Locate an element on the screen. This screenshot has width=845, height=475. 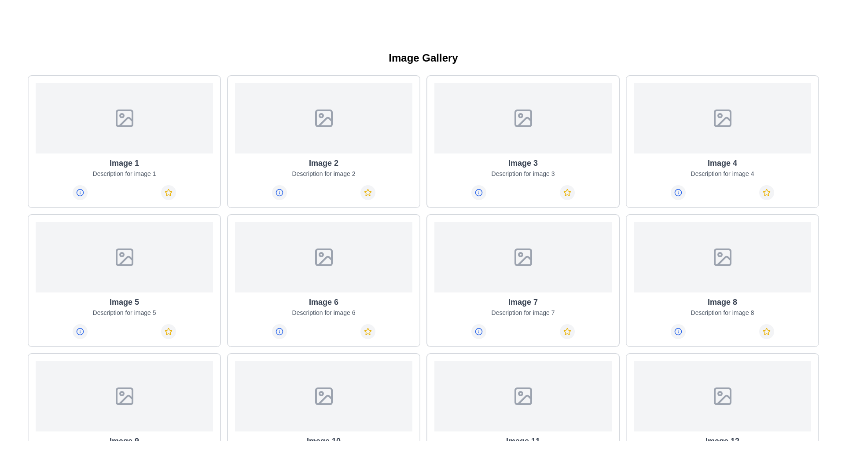
the first circular informational button located below Image 7 in the grid is located at coordinates (478, 331).